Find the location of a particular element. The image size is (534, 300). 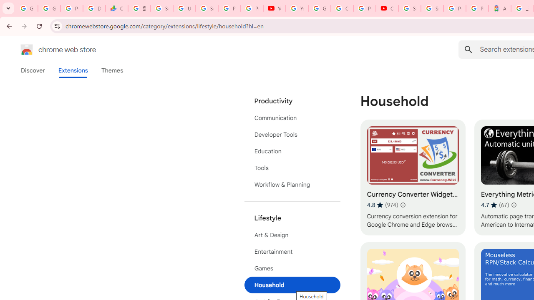

'Currencies - Google Finance' is located at coordinates (116, 8).